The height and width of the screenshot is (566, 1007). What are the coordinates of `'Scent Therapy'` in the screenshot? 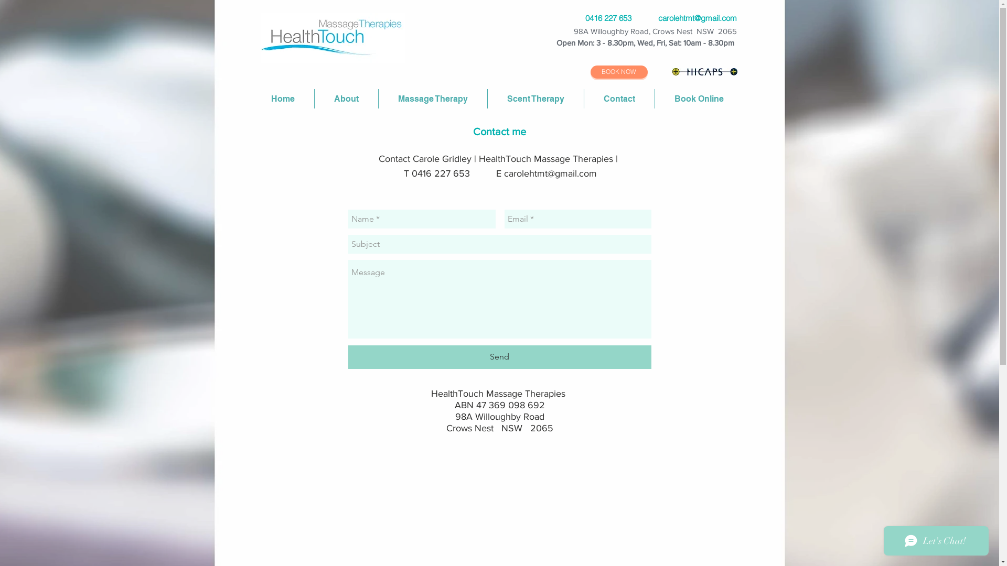 It's located at (535, 99).